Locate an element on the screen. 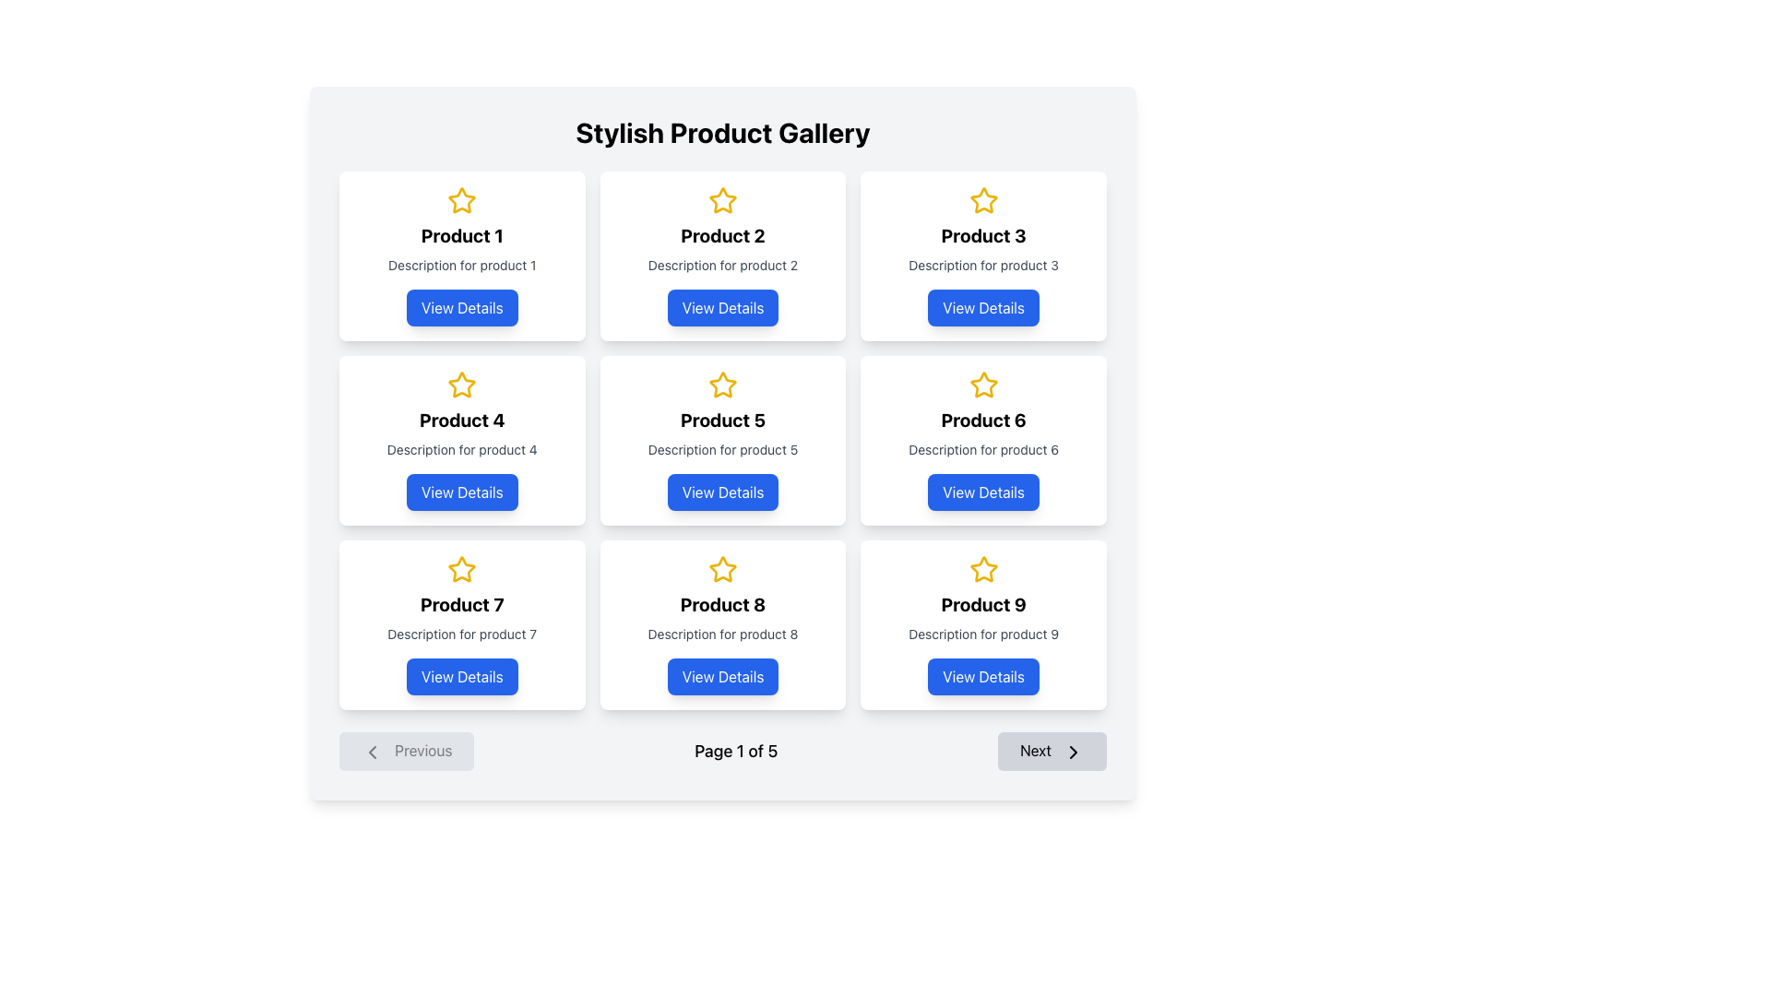 This screenshot has width=1771, height=996. the star icon representing the rating or favorite marker for the product, located above the 'Product 6' card in the second row, third column is located at coordinates (982, 384).